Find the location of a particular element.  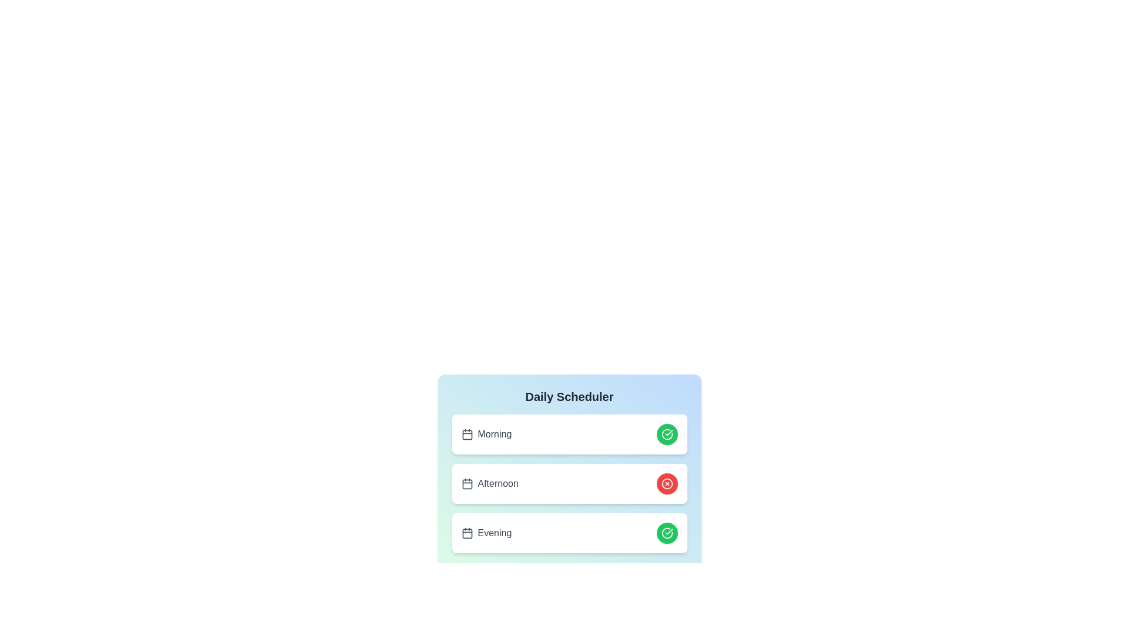

the green button to toggle the schedule status for Morning is located at coordinates (667, 435).